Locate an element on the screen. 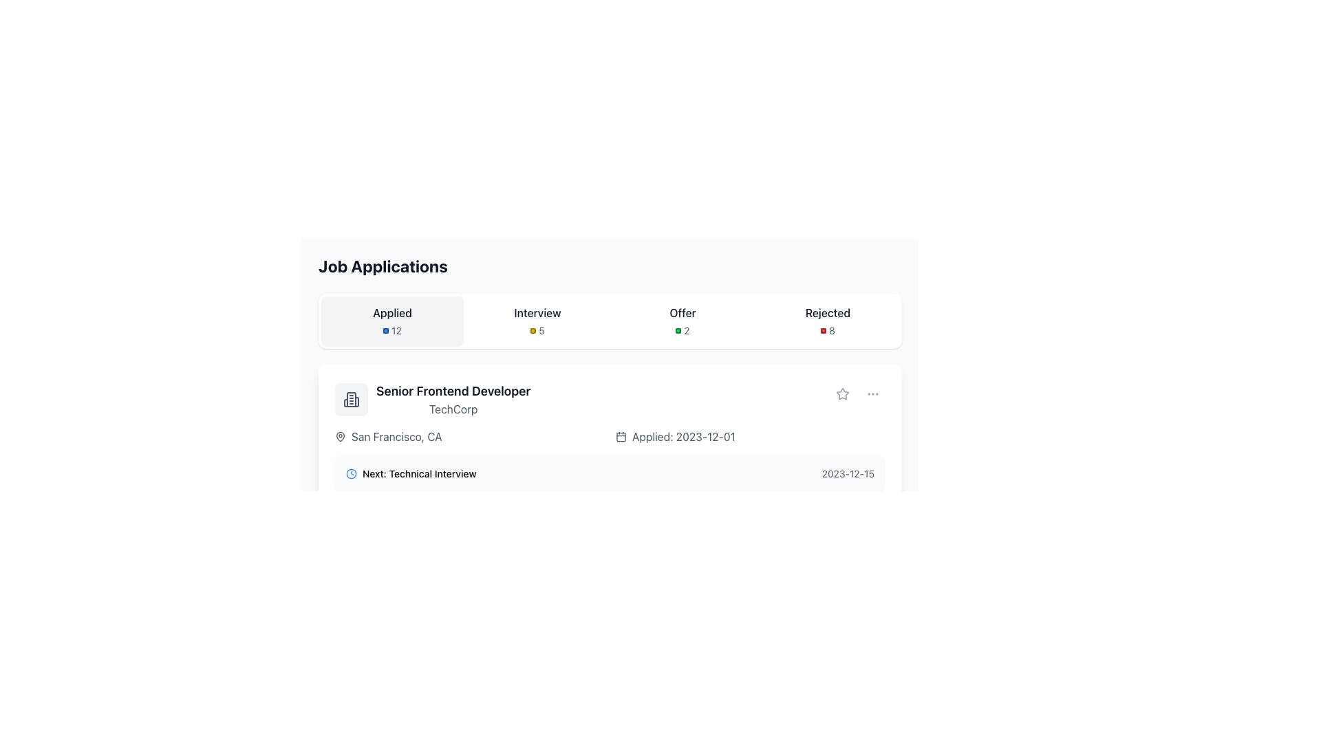  the 'Offer 2' button located in the Job Applications section, positioned between 'Interview' and 'Rejected' in the grid layout is located at coordinates (683, 321).